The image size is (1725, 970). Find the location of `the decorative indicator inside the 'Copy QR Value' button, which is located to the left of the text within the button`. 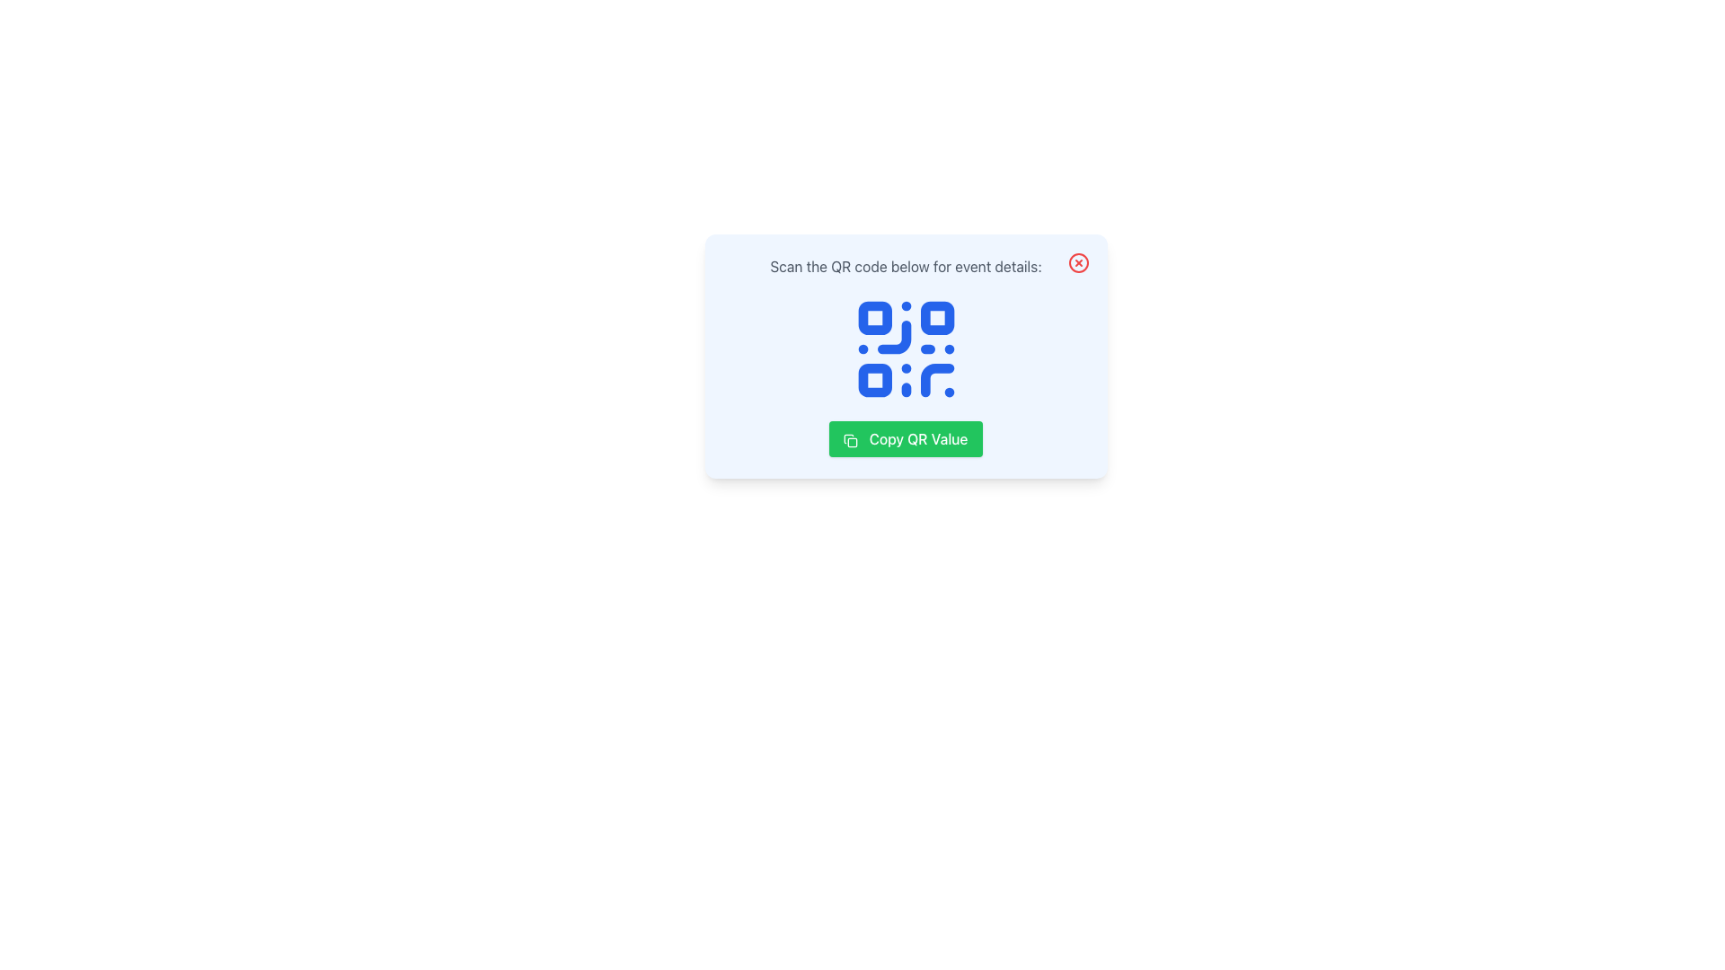

the decorative indicator inside the 'Copy QR Value' button, which is located to the left of the text within the button is located at coordinates (850, 440).